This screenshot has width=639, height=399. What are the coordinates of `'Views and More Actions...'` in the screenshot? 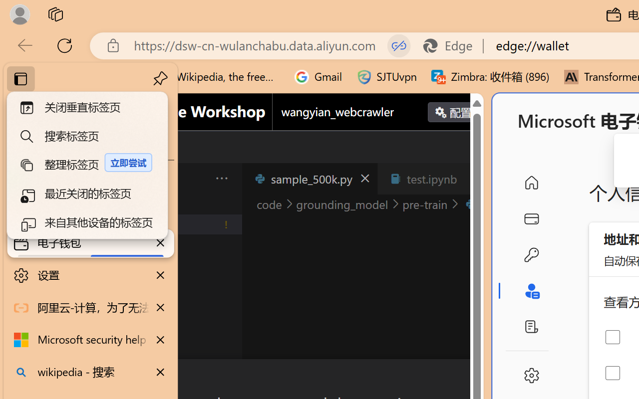 It's located at (220, 178).